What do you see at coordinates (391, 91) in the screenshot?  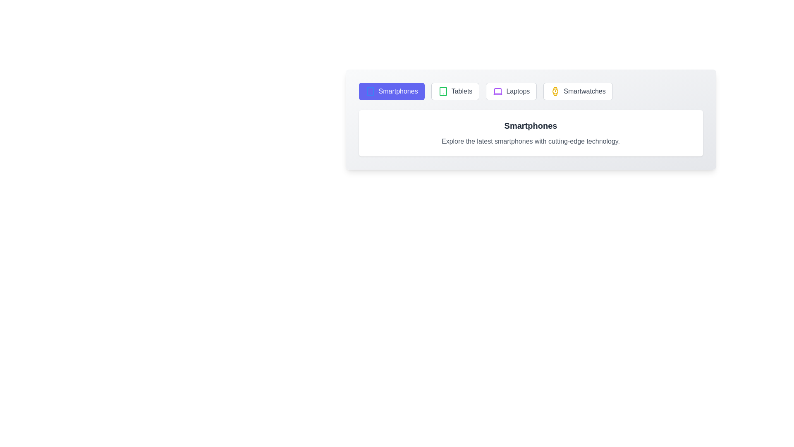 I see `the active tab labeled 'Smartphones' to observe its behavior` at bounding box center [391, 91].